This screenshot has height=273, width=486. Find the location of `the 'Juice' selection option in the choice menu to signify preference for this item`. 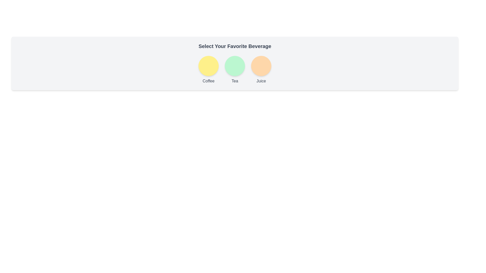

the 'Juice' selection option in the choice menu to signify preference for this item is located at coordinates (261, 69).